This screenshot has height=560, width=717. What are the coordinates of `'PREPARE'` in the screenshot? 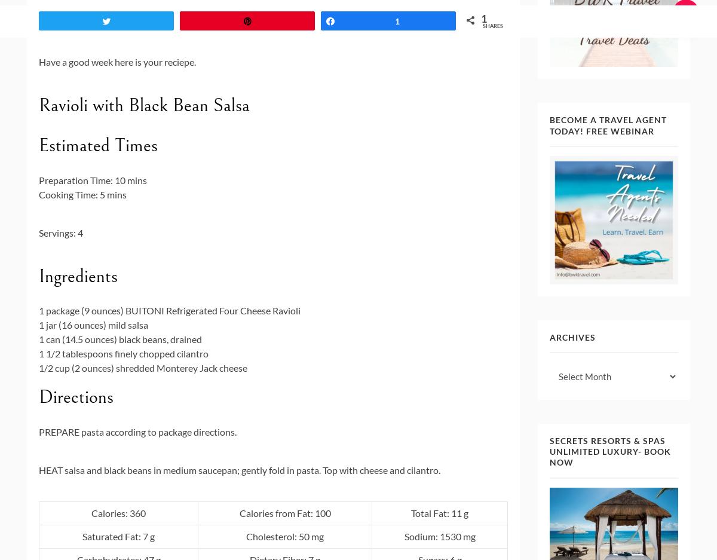 It's located at (39, 430).